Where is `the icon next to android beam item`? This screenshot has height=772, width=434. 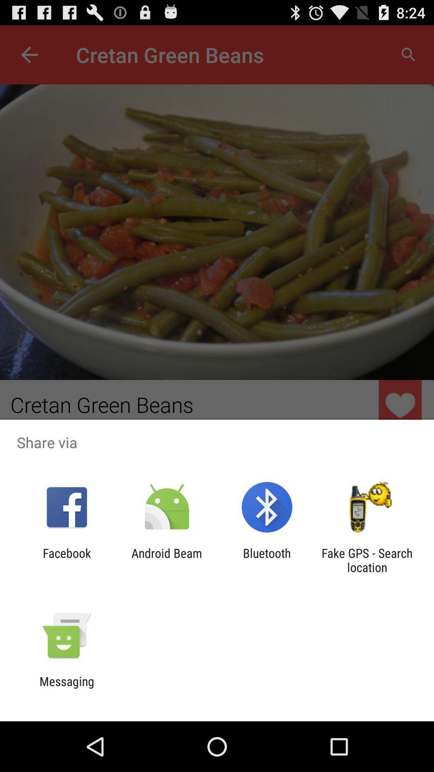
the icon next to android beam item is located at coordinates (66, 560).